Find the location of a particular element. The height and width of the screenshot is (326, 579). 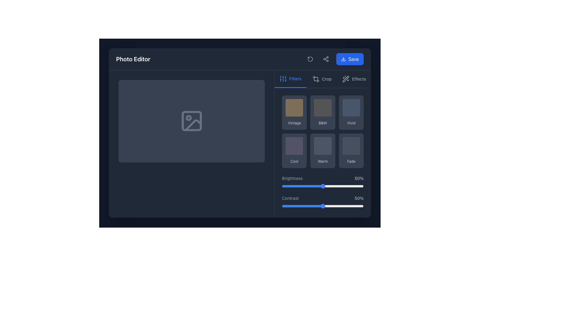

the crop tool button, which is an SVG icon consisting of intersecting lines forming a right angle, located centrally in the toolbar above the 'Crop' text label is located at coordinates (315, 79).